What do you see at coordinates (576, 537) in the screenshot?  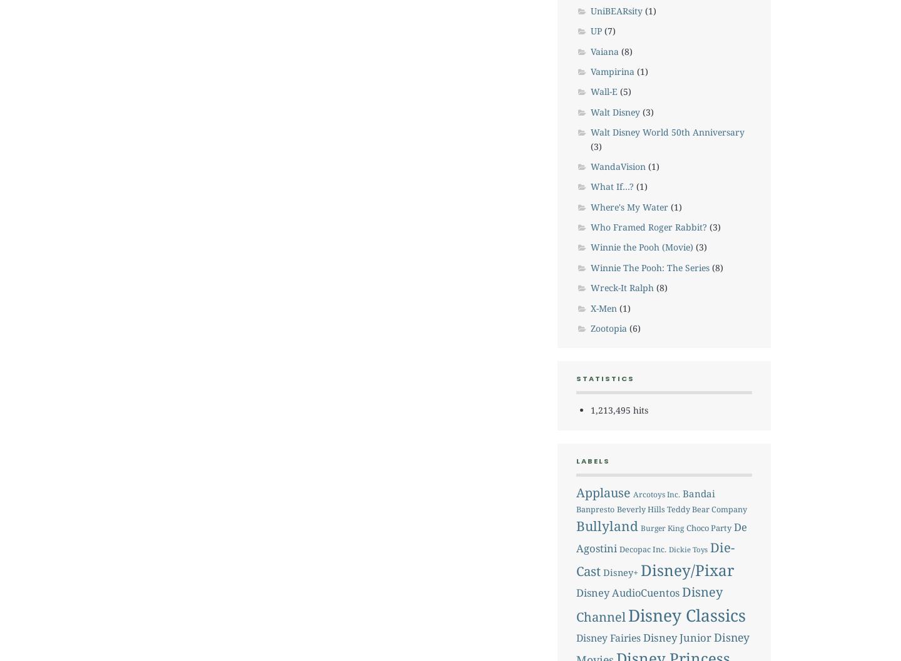 I see `'De Agostini'` at bounding box center [576, 537].